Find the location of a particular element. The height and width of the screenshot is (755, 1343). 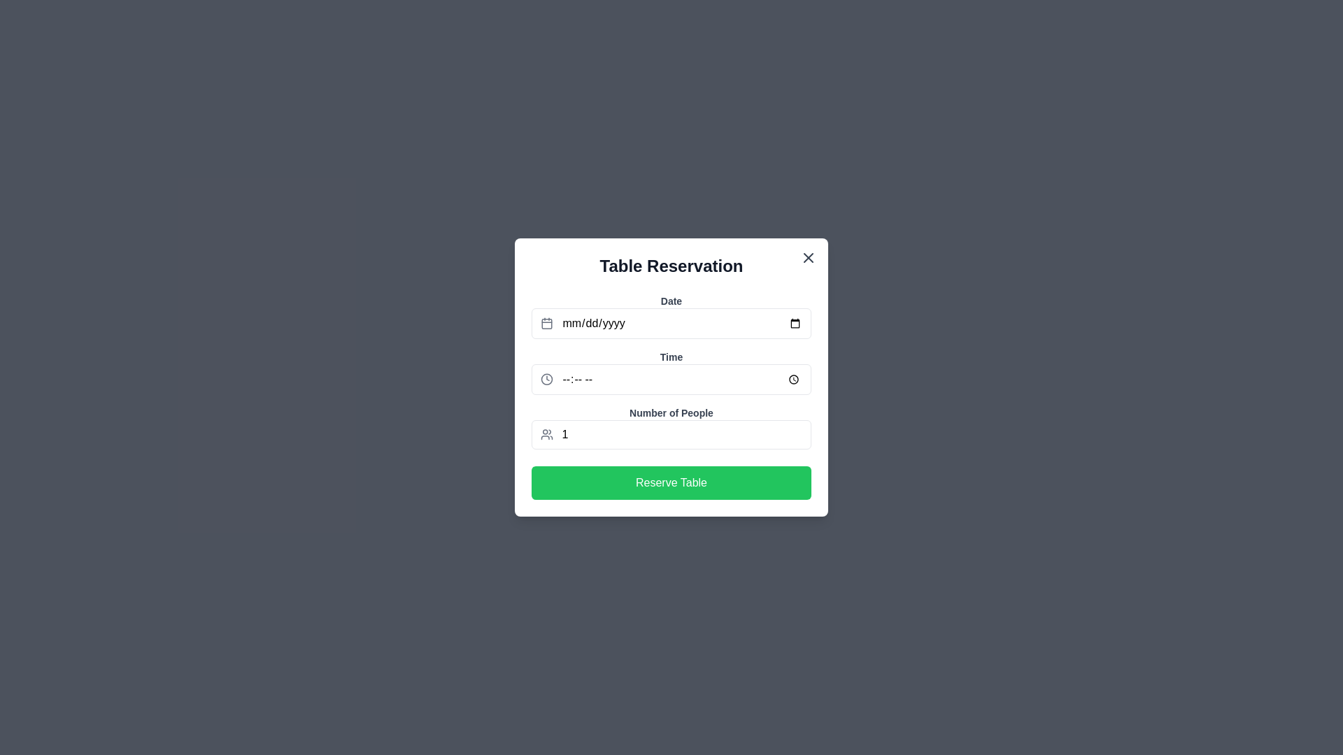

the graphical decoration element that serves as the primary visual structure of the calendar icon in the Table Reservation interface is located at coordinates (546, 324).